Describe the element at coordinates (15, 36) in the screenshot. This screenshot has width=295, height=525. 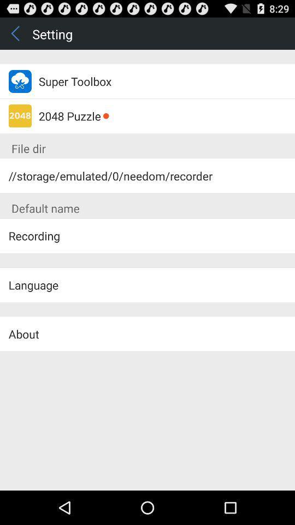
I see `the arrow_backward icon` at that location.